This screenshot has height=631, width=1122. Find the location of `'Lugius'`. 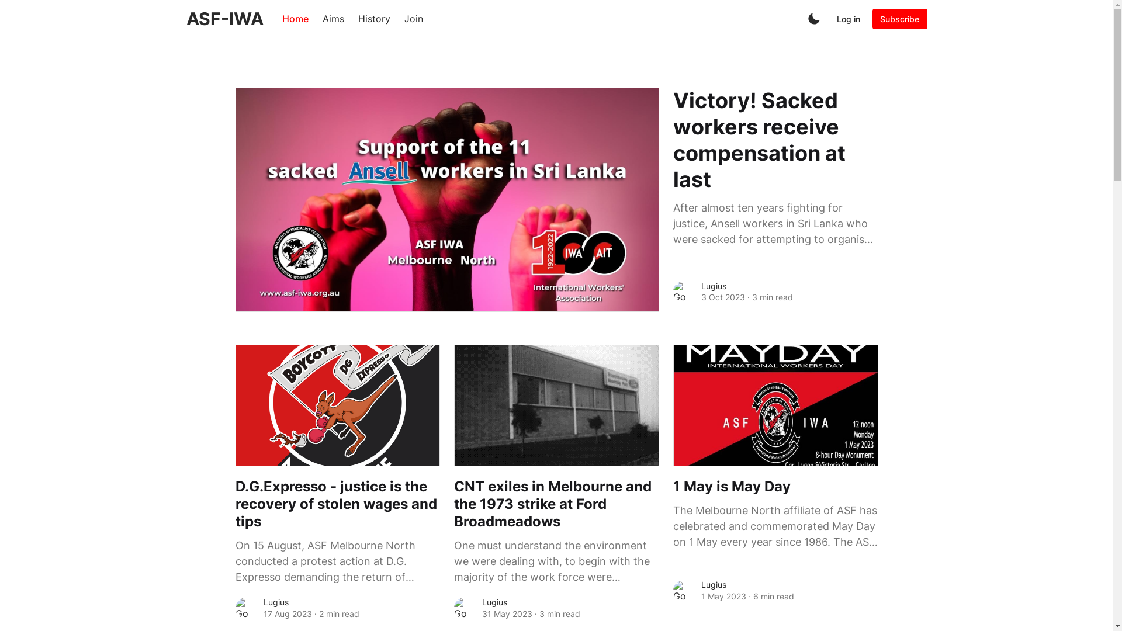

'Lugius' is located at coordinates (275, 602).